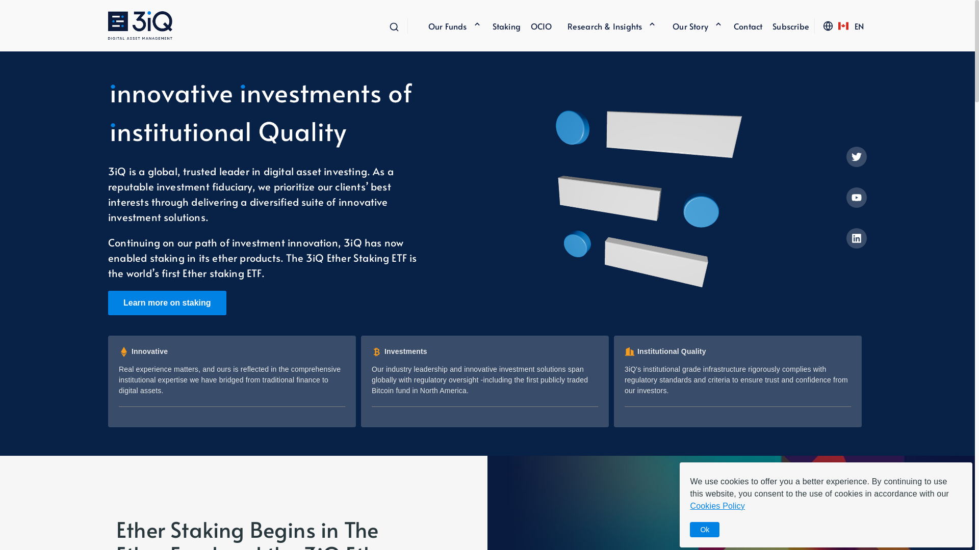 The width and height of the screenshot is (979, 550). I want to click on 'Learn more on staking', so click(108, 302).